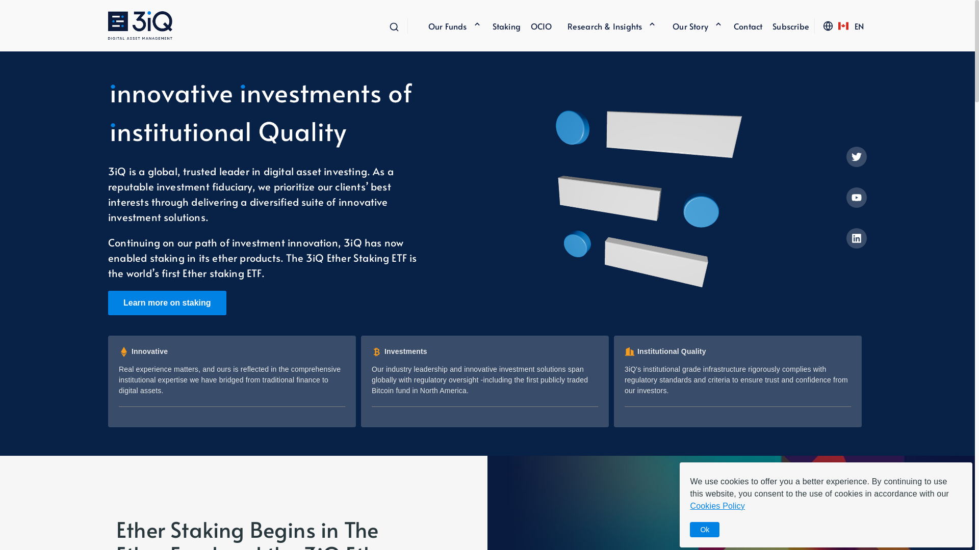 The width and height of the screenshot is (979, 550). I want to click on 'Learn more on staking', so click(108, 302).